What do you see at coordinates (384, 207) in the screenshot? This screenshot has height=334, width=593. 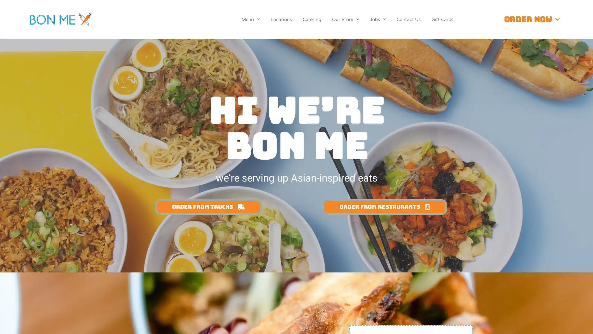 I see `ORDER FROM RESTAURANTS` at bounding box center [384, 207].